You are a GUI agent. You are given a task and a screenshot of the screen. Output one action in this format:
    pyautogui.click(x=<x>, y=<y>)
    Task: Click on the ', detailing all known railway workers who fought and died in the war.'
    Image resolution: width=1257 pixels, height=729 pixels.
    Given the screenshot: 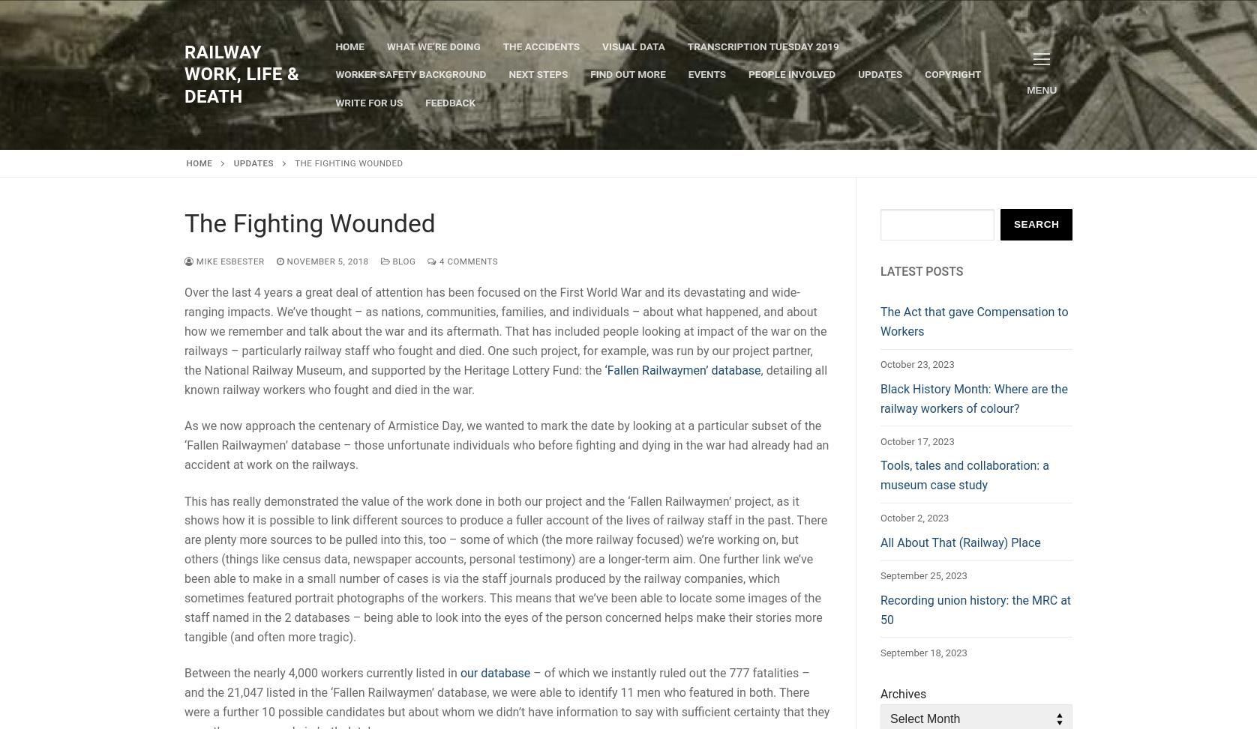 What is the action you would take?
    pyautogui.click(x=505, y=378)
    